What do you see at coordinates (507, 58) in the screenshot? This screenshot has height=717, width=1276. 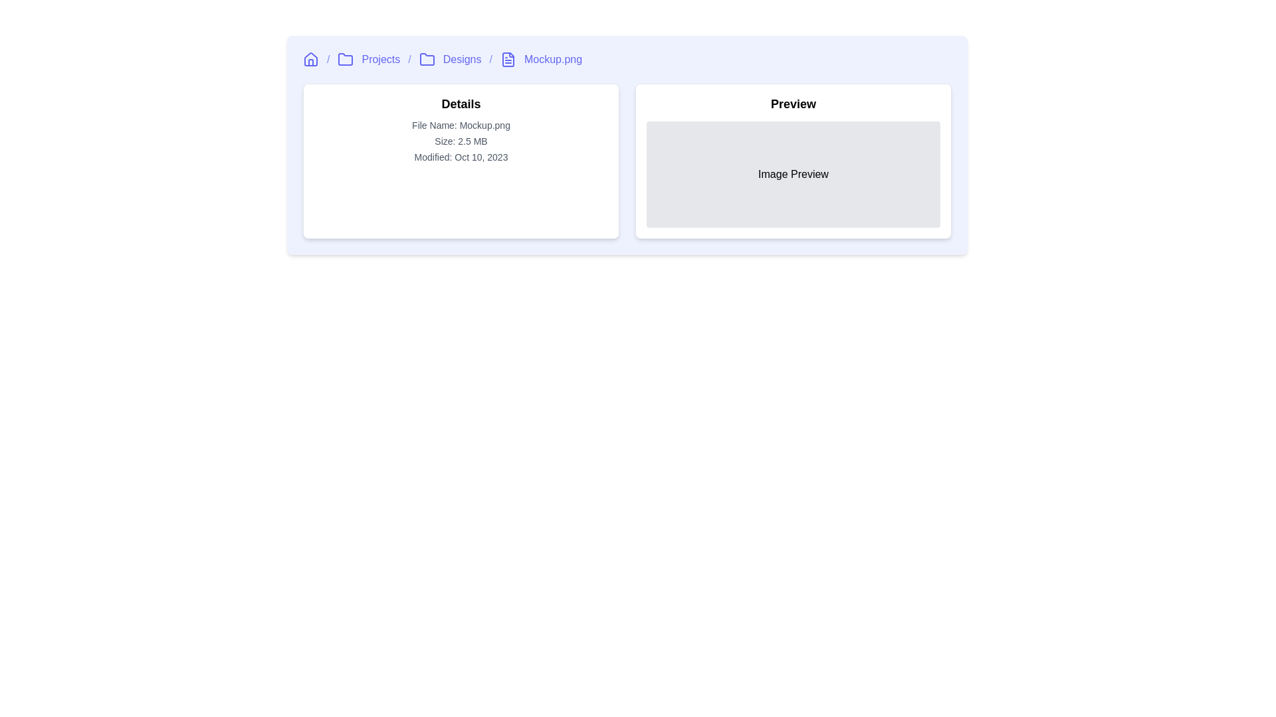 I see `the icon representing the file 'Mockup.png' in the breadcrumb navigation, located between the 'Designs' label and the 'Mockup.png' label` at bounding box center [507, 58].